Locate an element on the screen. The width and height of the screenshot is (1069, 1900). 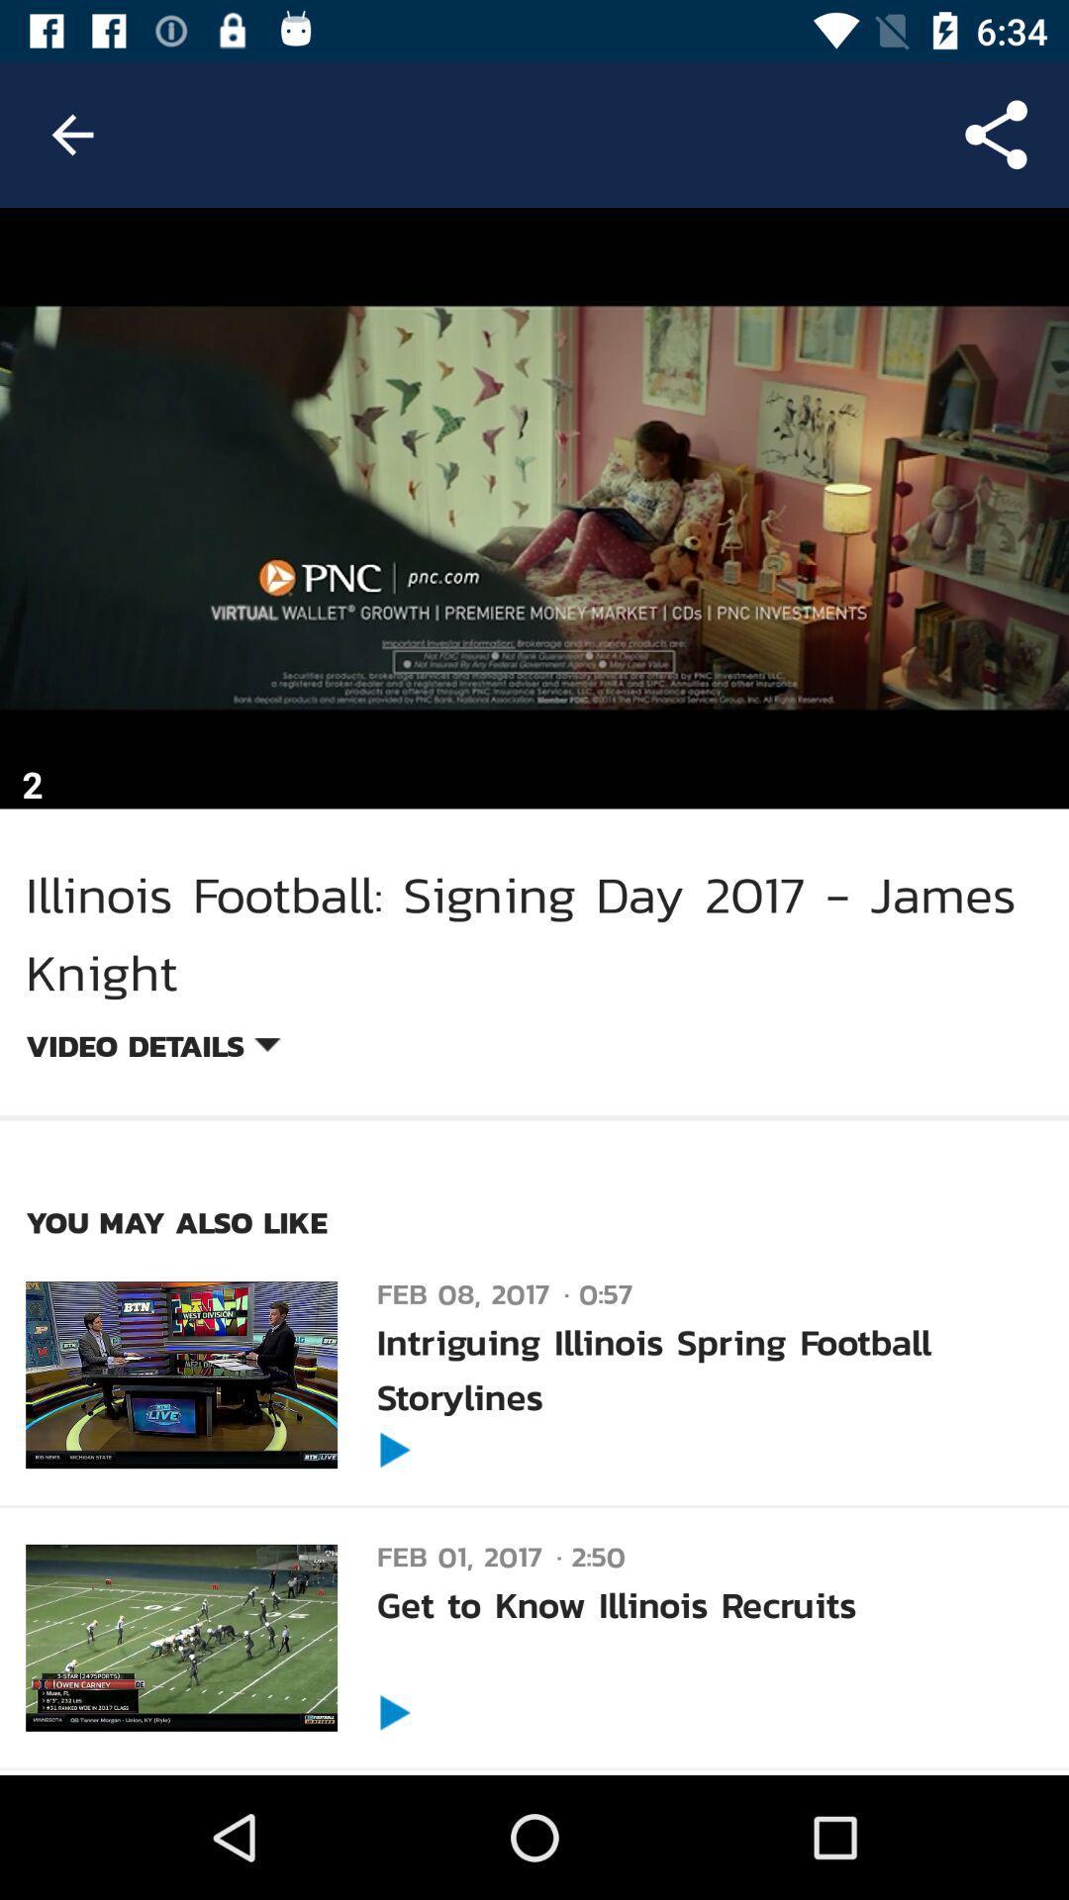
icon at the top left corner is located at coordinates (71, 134).